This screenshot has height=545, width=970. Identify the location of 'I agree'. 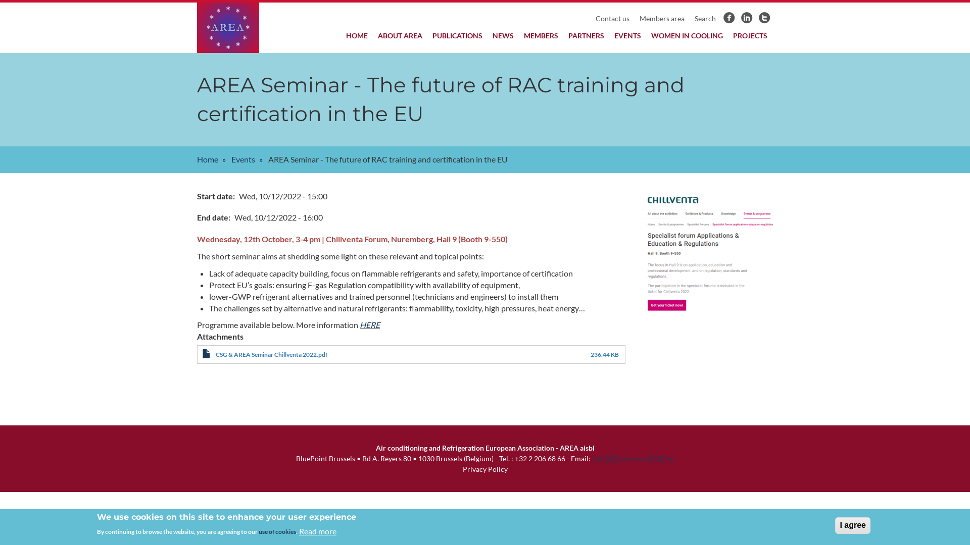
(852, 525).